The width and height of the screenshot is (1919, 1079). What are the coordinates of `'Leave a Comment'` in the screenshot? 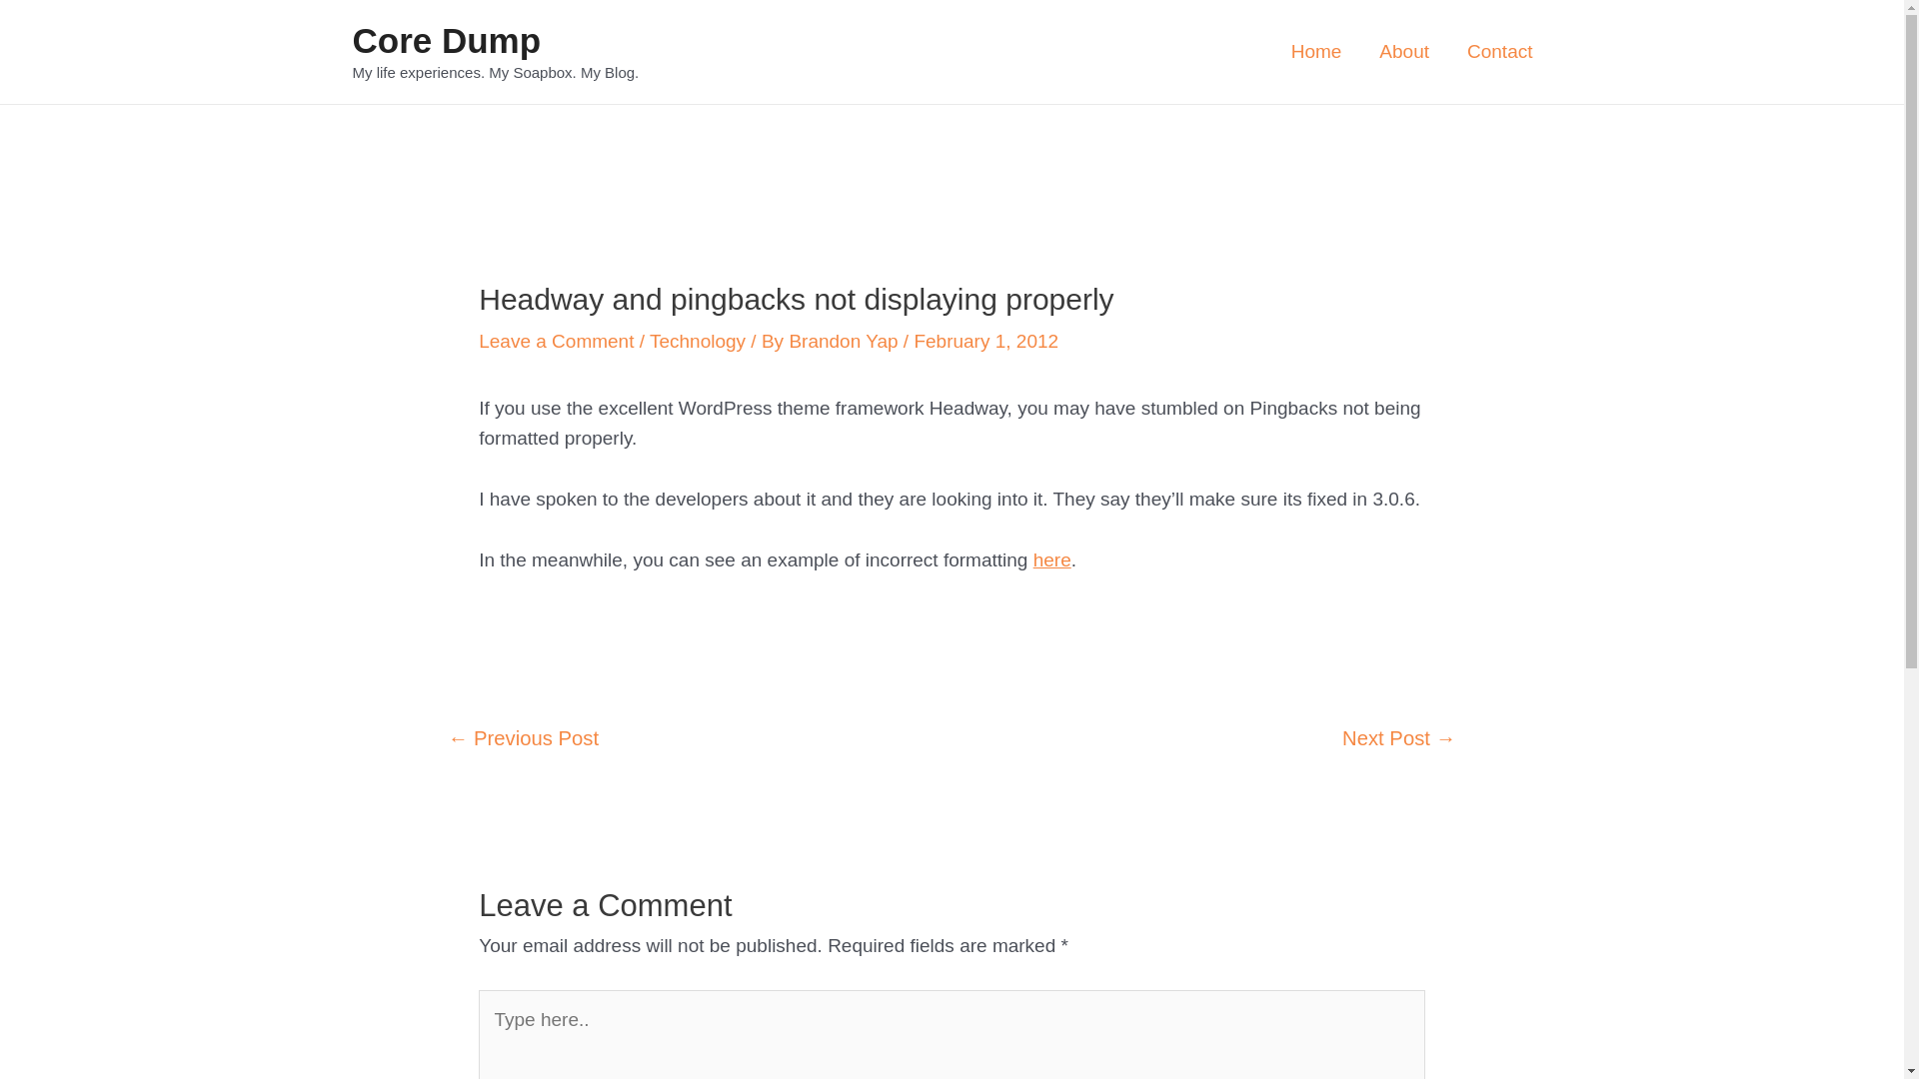 It's located at (556, 340).